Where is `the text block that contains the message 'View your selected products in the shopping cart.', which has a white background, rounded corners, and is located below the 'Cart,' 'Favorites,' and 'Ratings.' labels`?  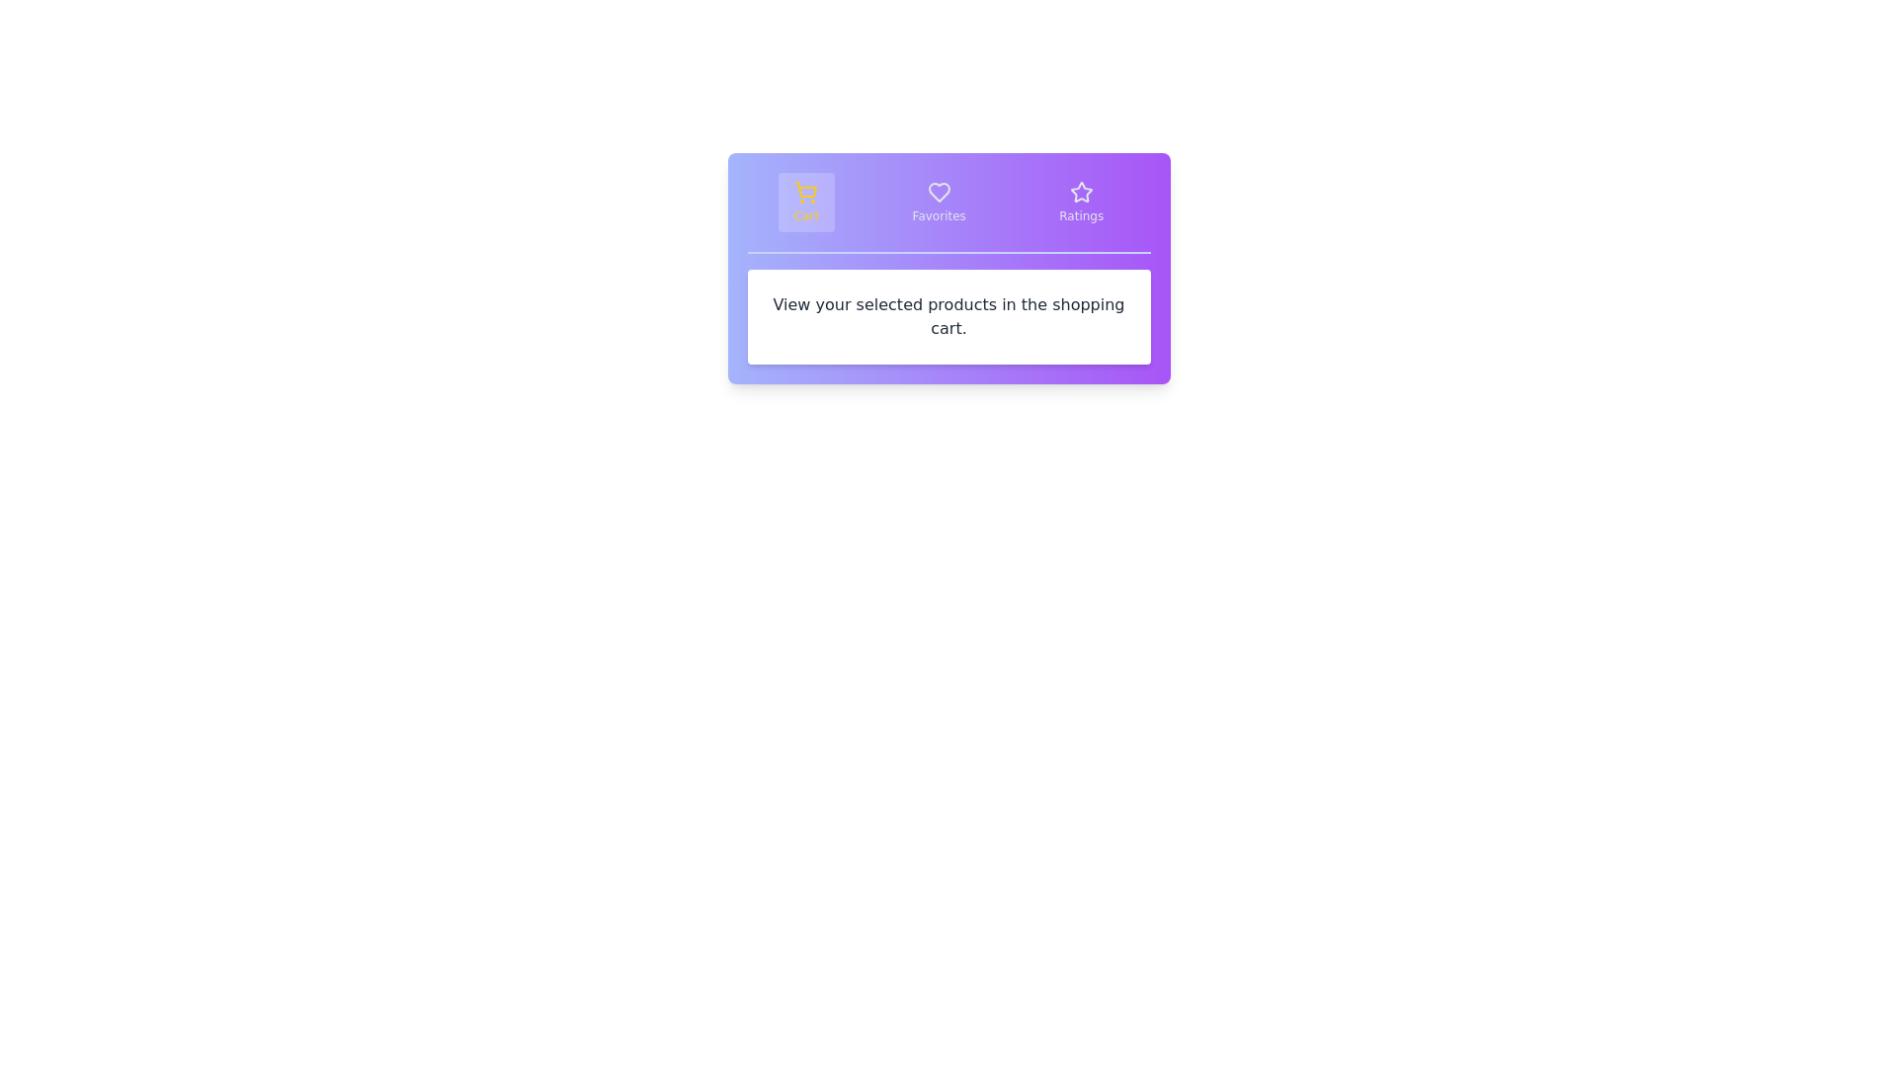 the text block that contains the message 'View your selected products in the shopping cart.', which has a white background, rounded corners, and is located below the 'Cart,' 'Favorites,' and 'Ratings.' labels is located at coordinates (948, 315).